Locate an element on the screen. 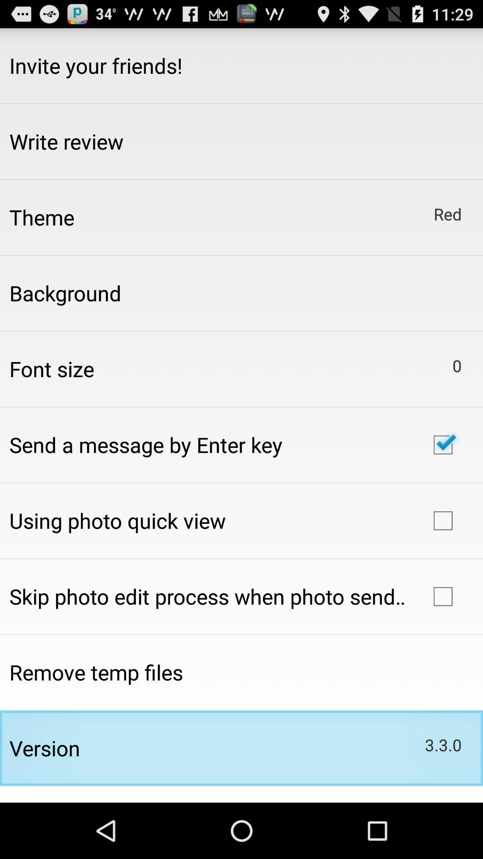  red at the top right corner is located at coordinates (448, 213).